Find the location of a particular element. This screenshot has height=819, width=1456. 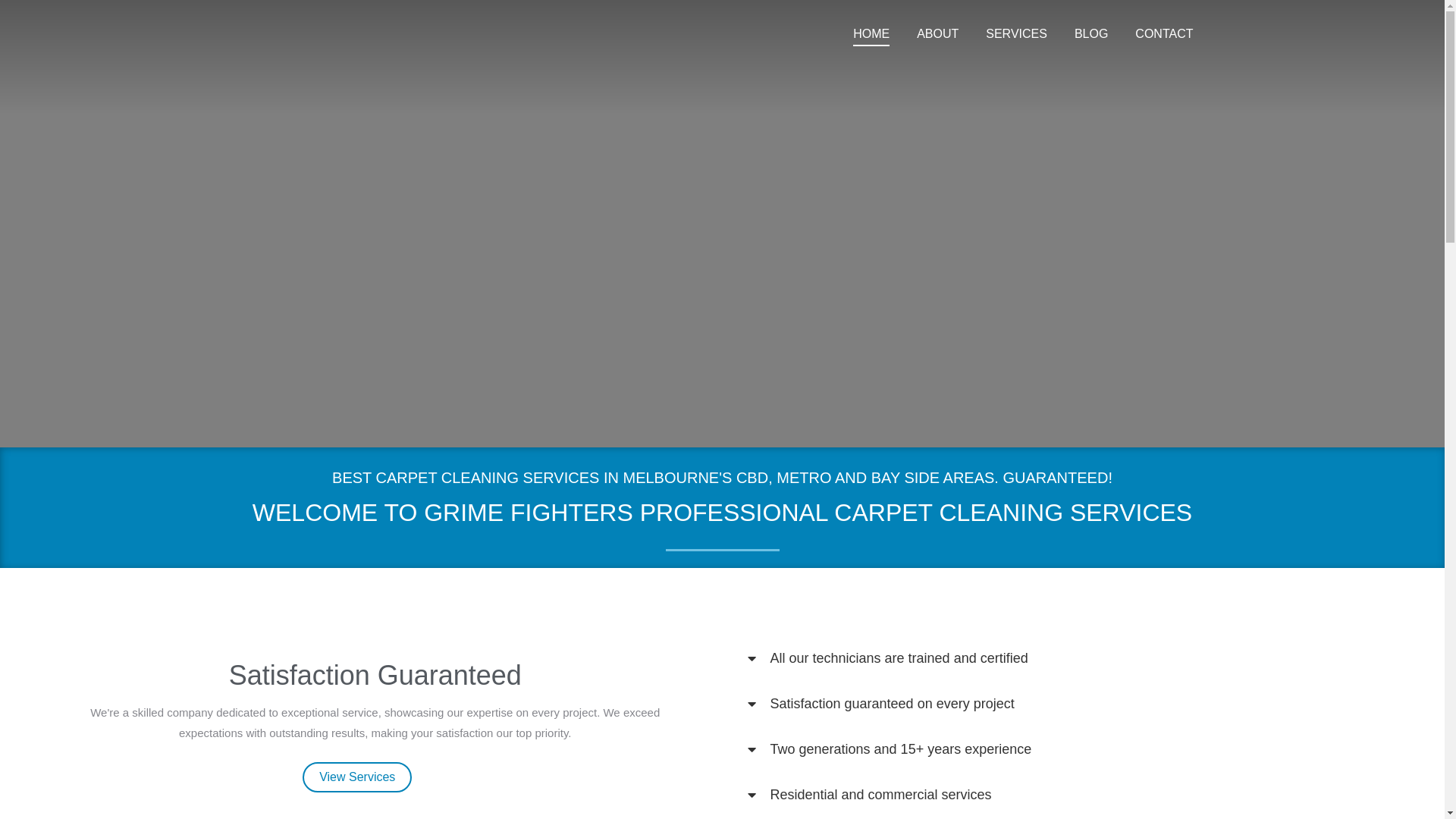

'BLOG' is located at coordinates (1070, 34).